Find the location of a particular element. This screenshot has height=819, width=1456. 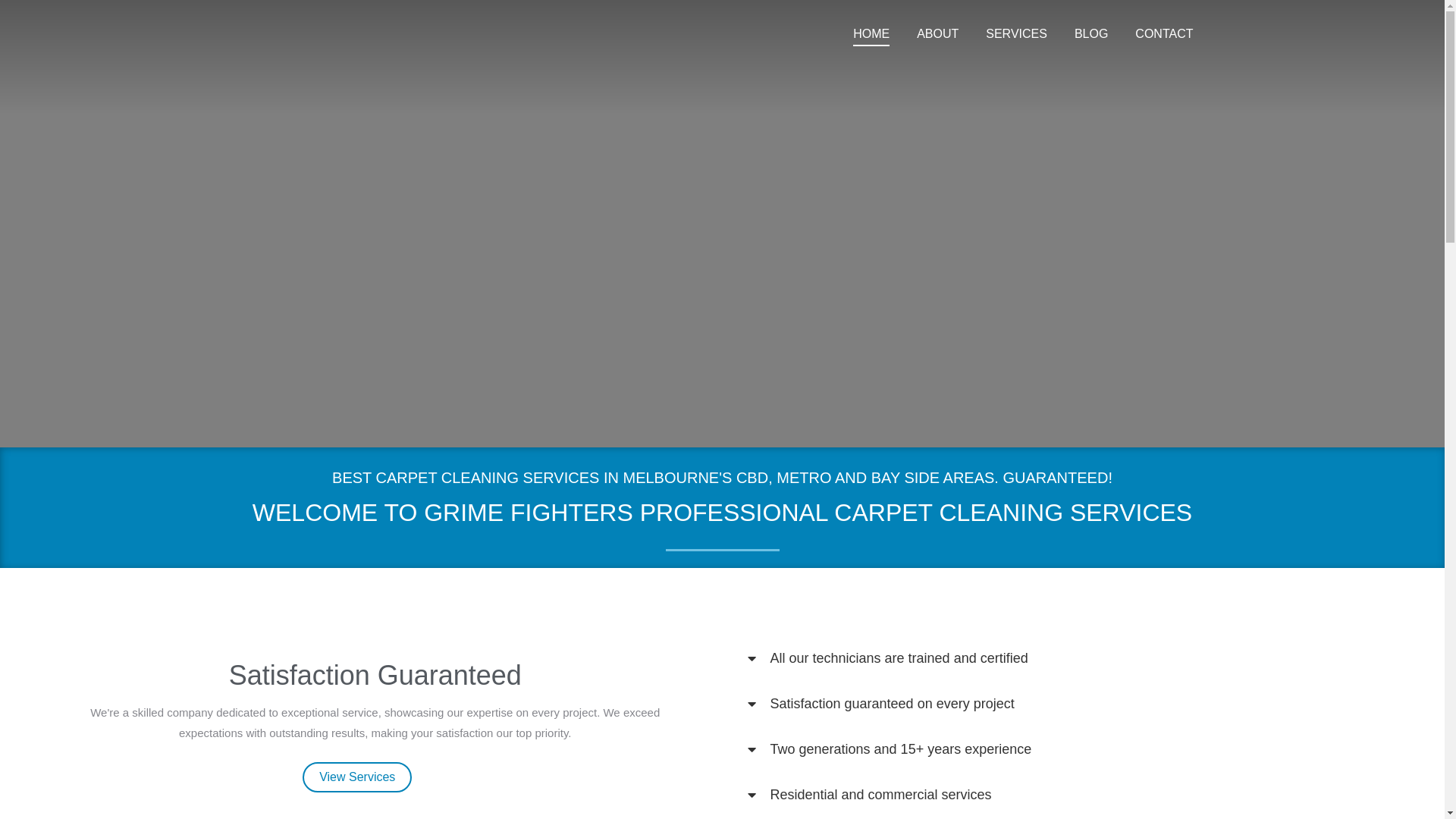

'BLOG' is located at coordinates (1070, 34).